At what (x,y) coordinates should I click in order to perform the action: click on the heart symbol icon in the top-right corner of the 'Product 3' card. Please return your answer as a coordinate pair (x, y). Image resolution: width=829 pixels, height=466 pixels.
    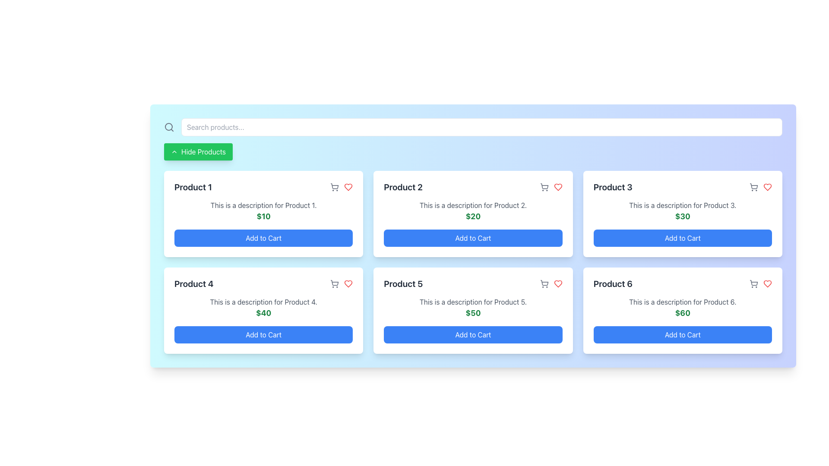
    Looking at the image, I should click on (767, 187).